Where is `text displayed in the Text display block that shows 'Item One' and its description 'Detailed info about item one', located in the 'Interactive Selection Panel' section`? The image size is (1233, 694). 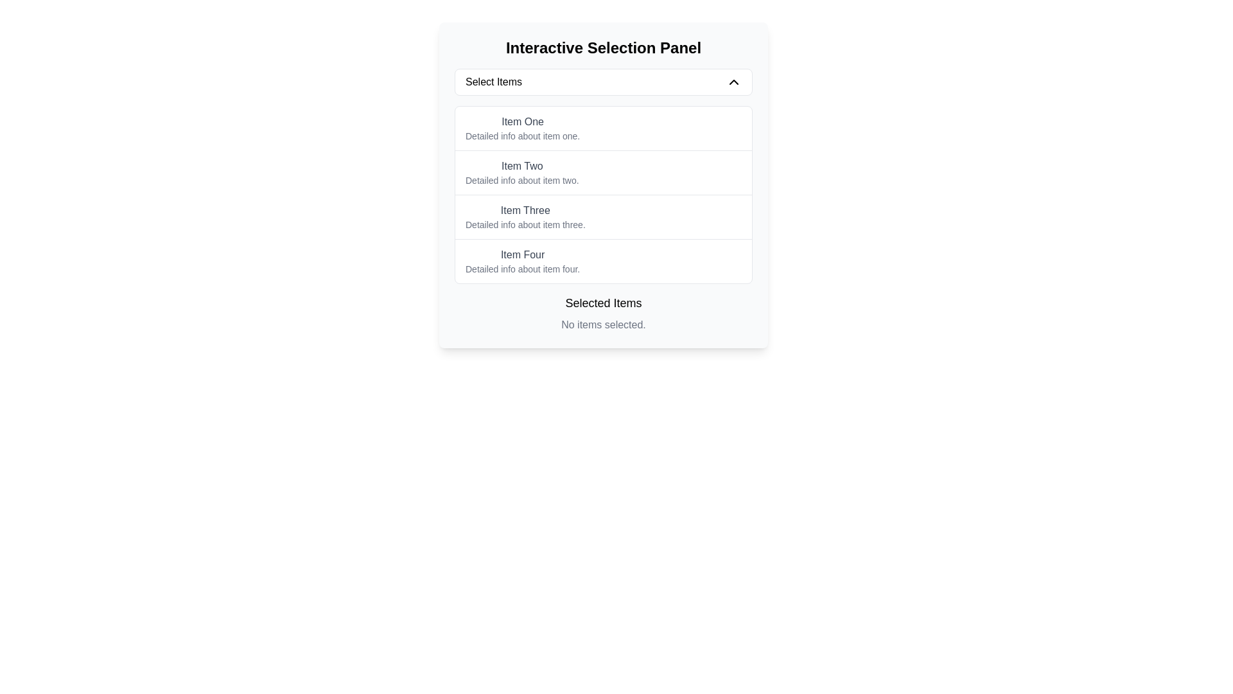
text displayed in the Text display block that shows 'Item One' and its description 'Detailed info about item one', located in the 'Interactive Selection Panel' section is located at coordinates (523, 129).